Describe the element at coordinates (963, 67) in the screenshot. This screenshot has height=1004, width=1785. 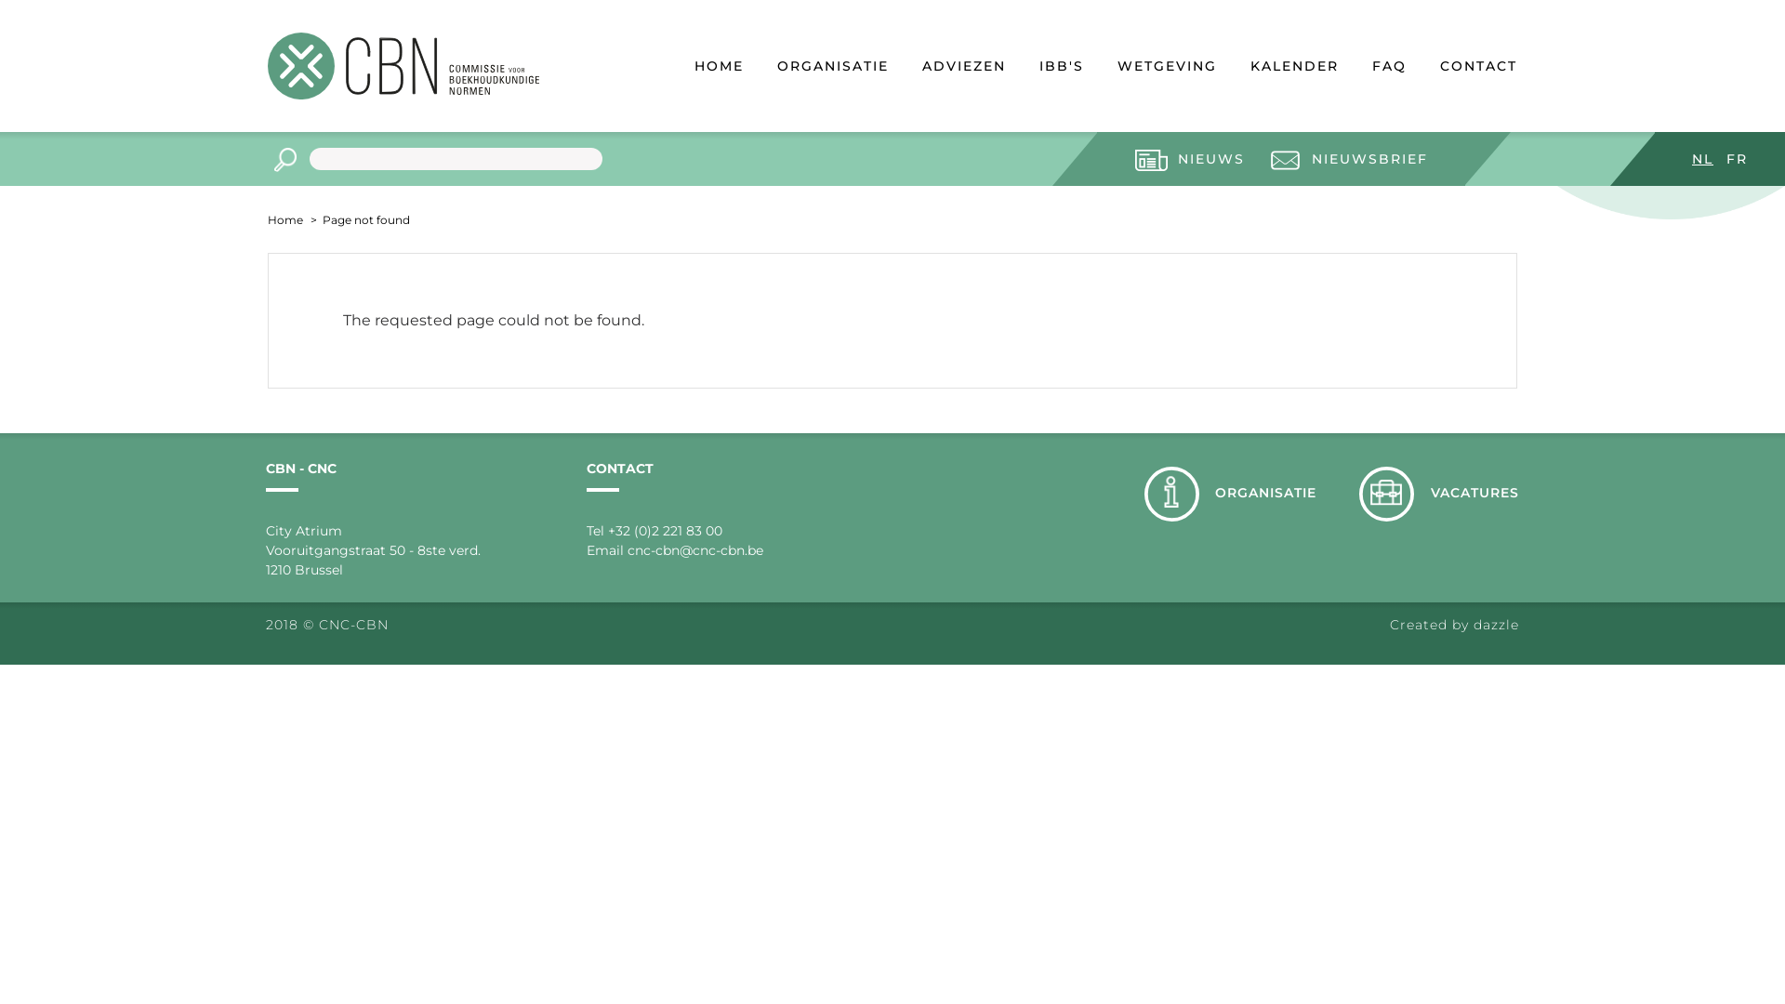
I see `'ADVIEZEN'` at that location.